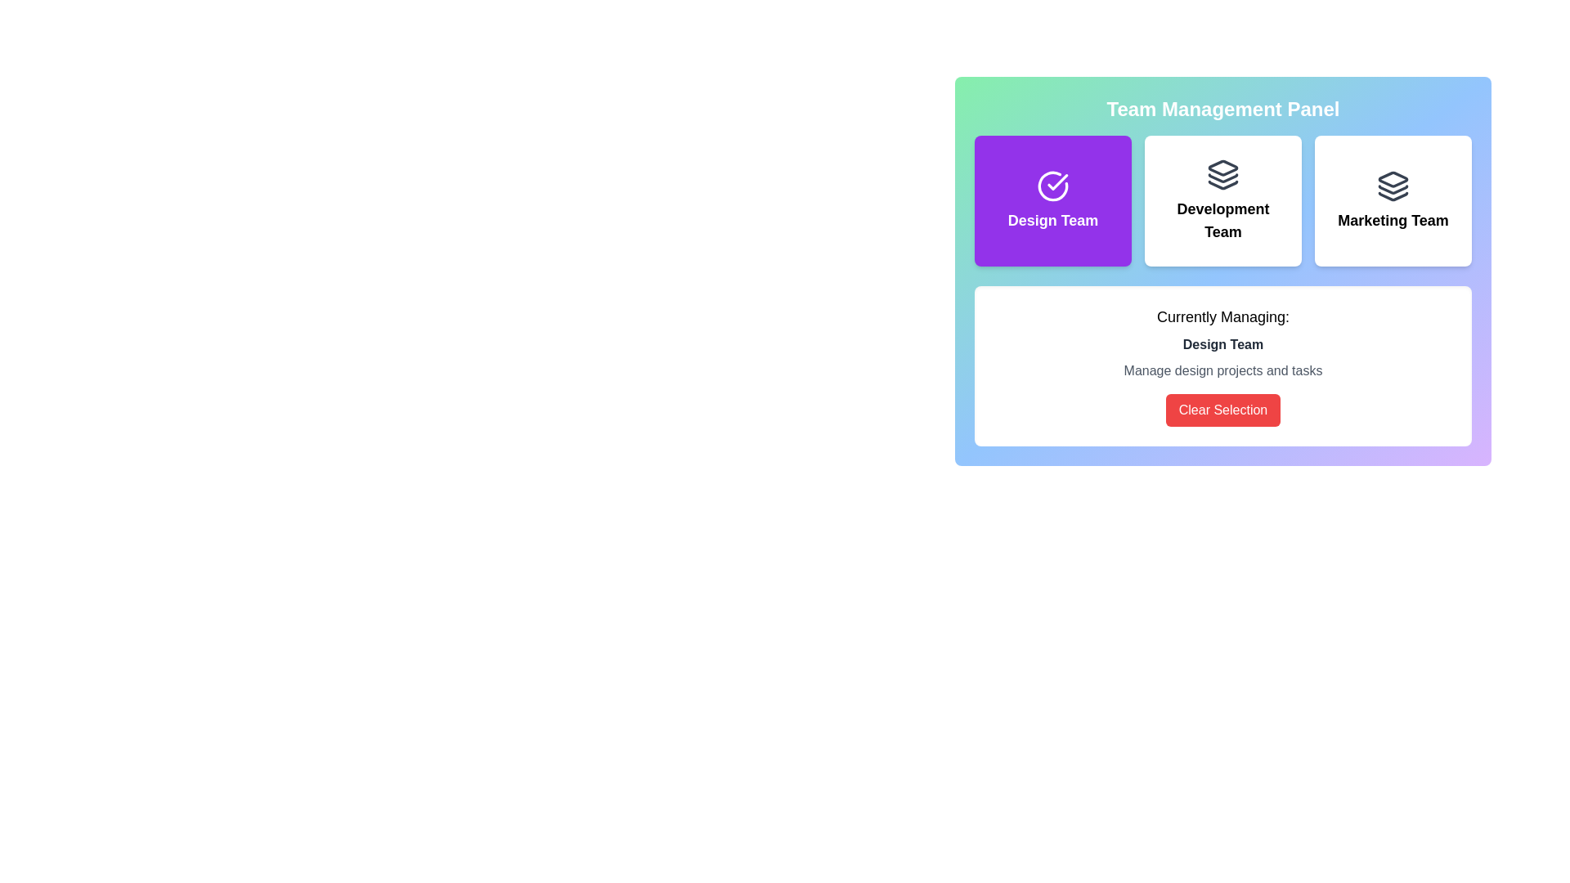  Describe the element at coordinates (1052, 200) in the screenshot. I see `the button labeled 'Design Team' featuring a white circular check icon and a purple background in the Team Management Panel section` at that location.